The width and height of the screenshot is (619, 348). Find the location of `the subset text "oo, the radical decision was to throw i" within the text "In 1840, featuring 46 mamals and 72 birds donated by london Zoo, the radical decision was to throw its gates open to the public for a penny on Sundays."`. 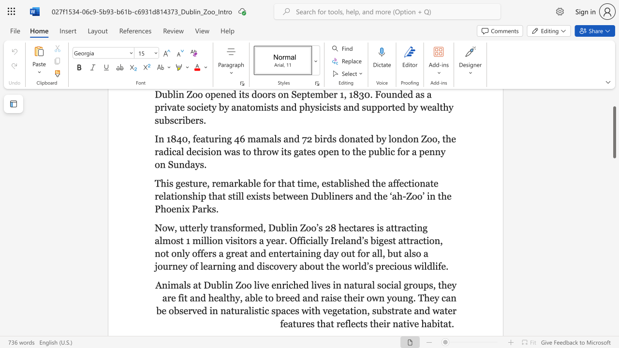

the subset text "oo, the radical decision was to throw i" within the text "In 1840, featuring 46 mamals and 72 birds donated by london Zoo, the radical decision was to throw its gates open to the public for a penny on Sundays." is located at coordinates (426, 139).